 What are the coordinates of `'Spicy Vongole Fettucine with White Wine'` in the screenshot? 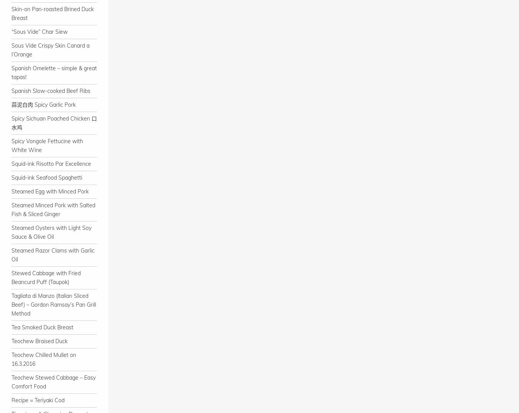 It's located at (47, 145).